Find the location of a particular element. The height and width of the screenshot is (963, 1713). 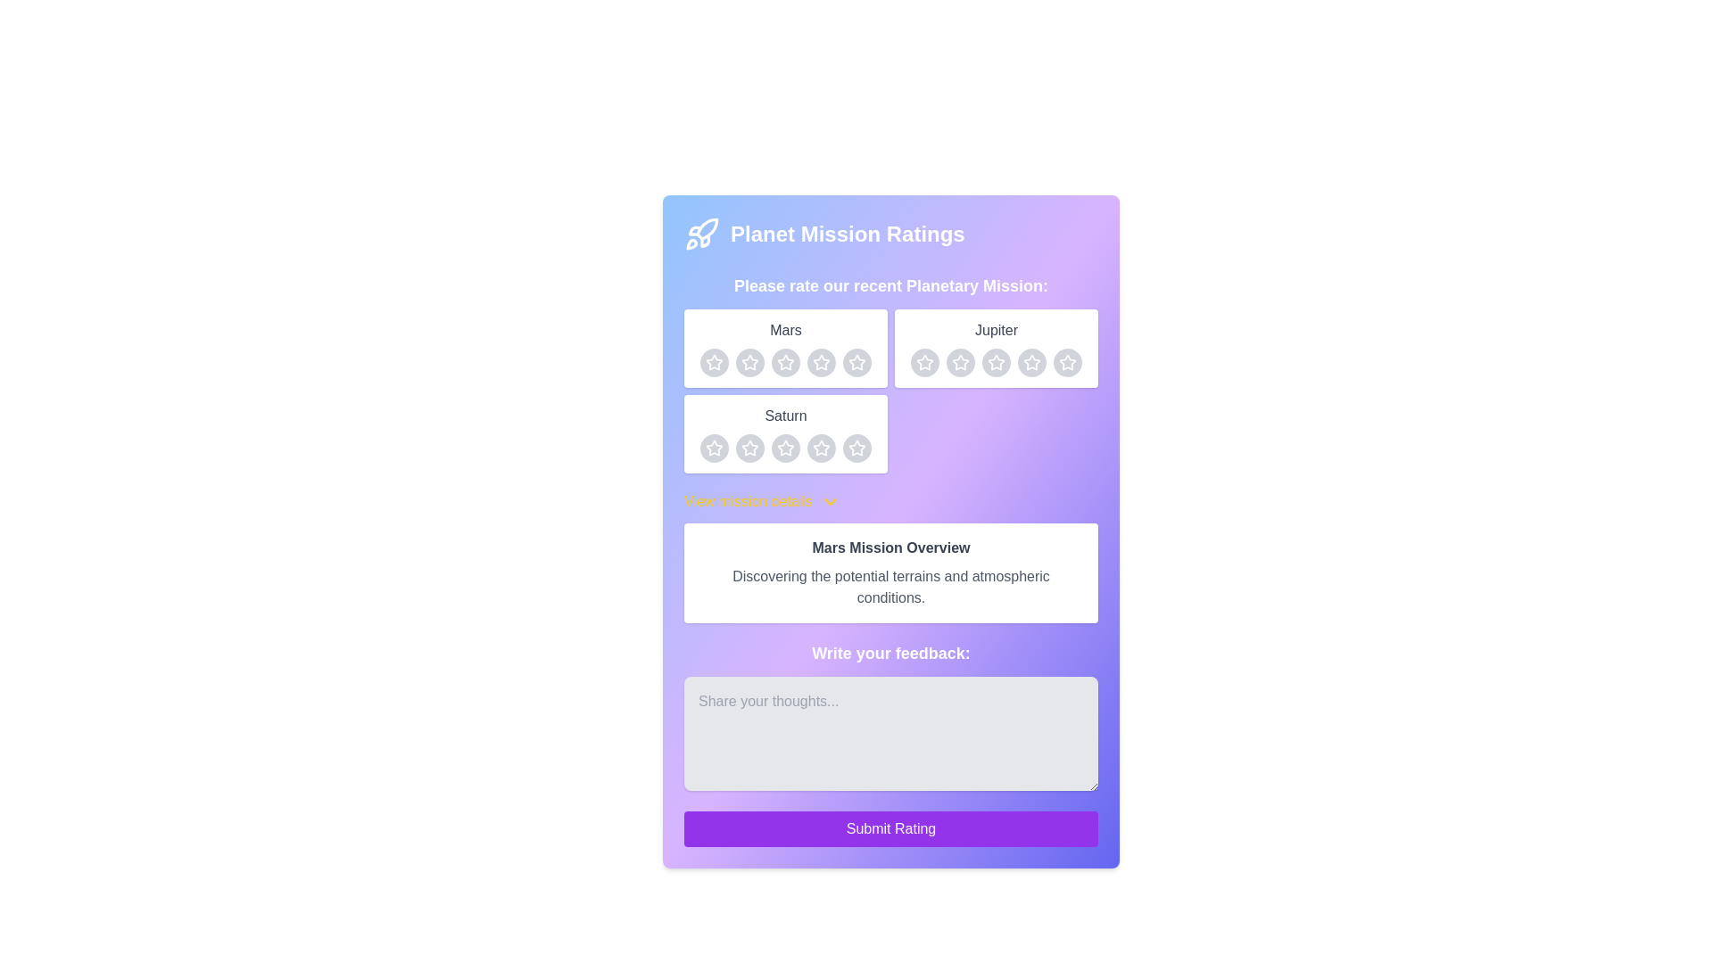

title 'Mars' from the first card in the grid layout of planetary rating cards, which has a white background and rounded edges is located at coordinates (785, 348).